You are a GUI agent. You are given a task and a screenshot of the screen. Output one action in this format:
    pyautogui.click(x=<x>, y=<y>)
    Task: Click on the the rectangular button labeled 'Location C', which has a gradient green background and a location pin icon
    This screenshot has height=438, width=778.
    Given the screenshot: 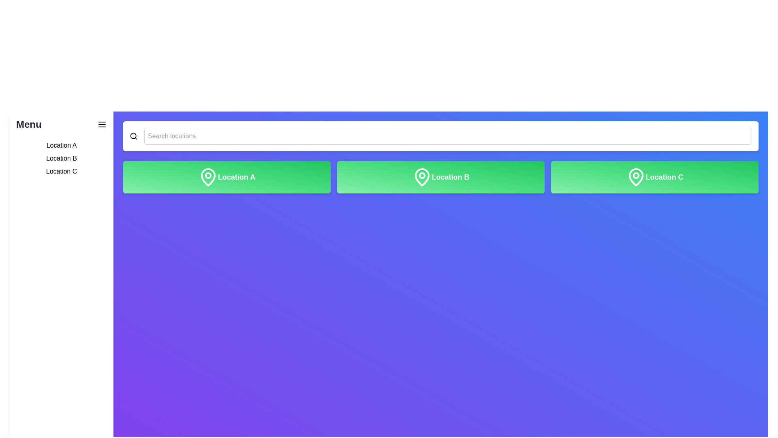 What is the action you would take?
    pyautogui.click(x=655, y=176)
    